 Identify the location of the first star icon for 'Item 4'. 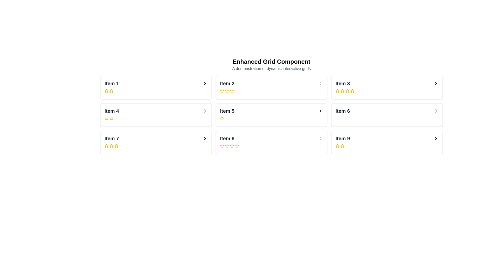
(106, 118).